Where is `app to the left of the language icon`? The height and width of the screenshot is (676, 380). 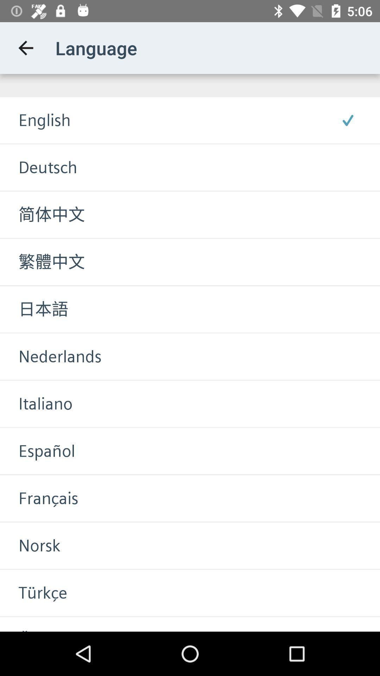
app to the left of the language icon is located at coordinates (25, 48).